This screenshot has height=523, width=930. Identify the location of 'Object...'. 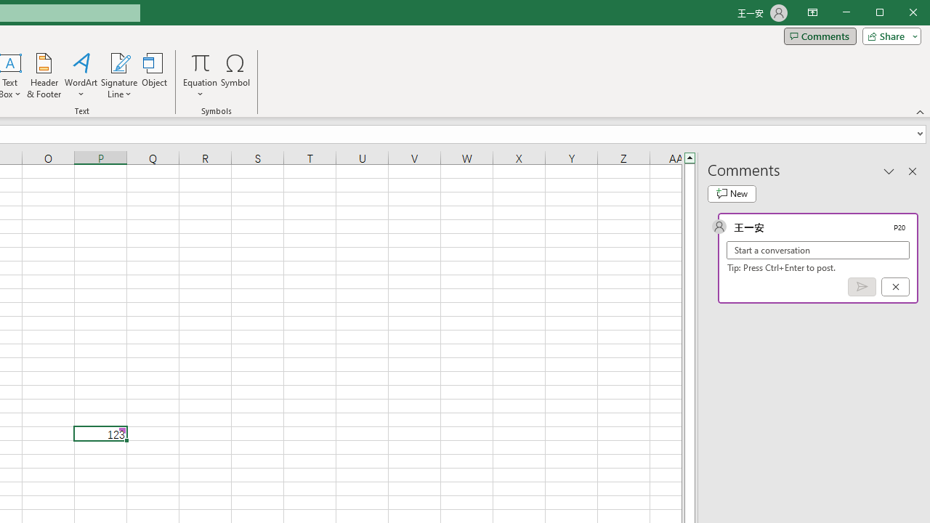
(155, 76).